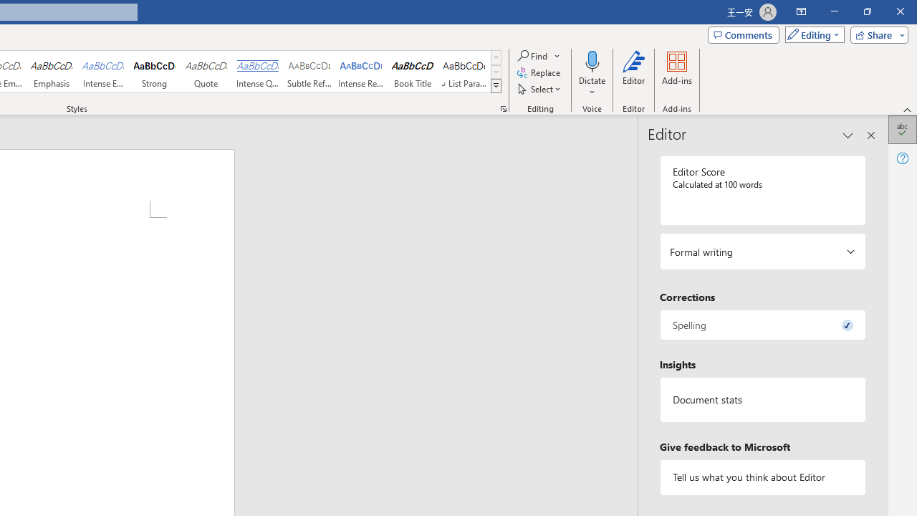  What do you see at coordinates (51, 72) in the screenshot?
I see `'Emphasis'` at bounding box center [51, 72].